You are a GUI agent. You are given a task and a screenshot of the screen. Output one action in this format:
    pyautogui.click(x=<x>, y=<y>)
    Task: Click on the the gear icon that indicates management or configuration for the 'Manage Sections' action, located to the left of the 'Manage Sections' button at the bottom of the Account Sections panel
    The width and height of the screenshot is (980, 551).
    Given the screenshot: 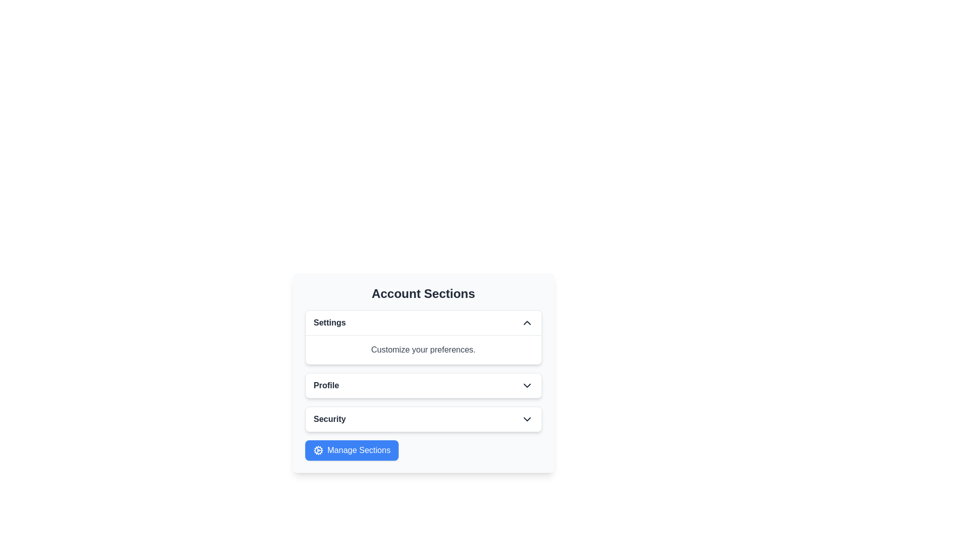 What is the action you would take?
    pyautogui.click(x=317, y=450)
    